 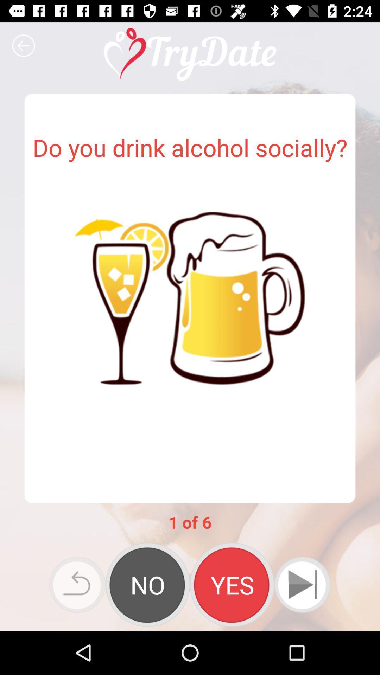 I want to click on item at the bottom right corner, so click(x=302, y=585).